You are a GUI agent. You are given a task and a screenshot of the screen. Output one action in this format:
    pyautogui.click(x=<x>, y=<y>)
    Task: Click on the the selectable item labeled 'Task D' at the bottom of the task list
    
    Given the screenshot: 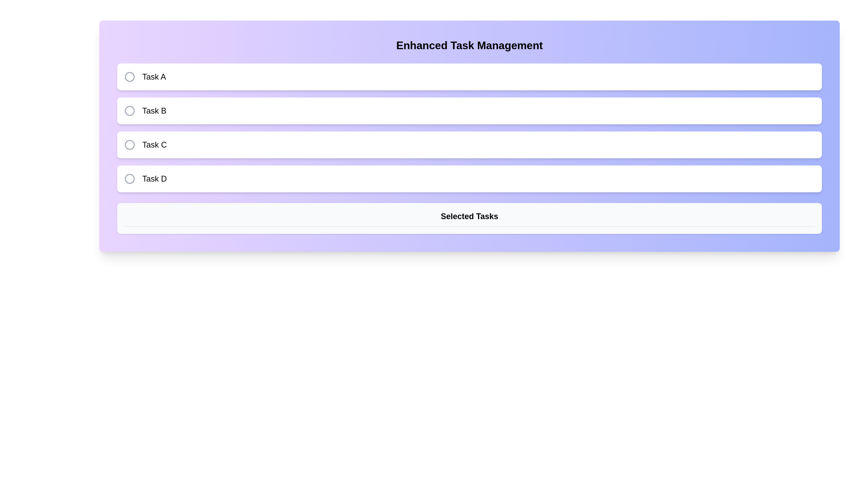 What is the action you would take?
    pyautogui.click(x=469, y=179)
    